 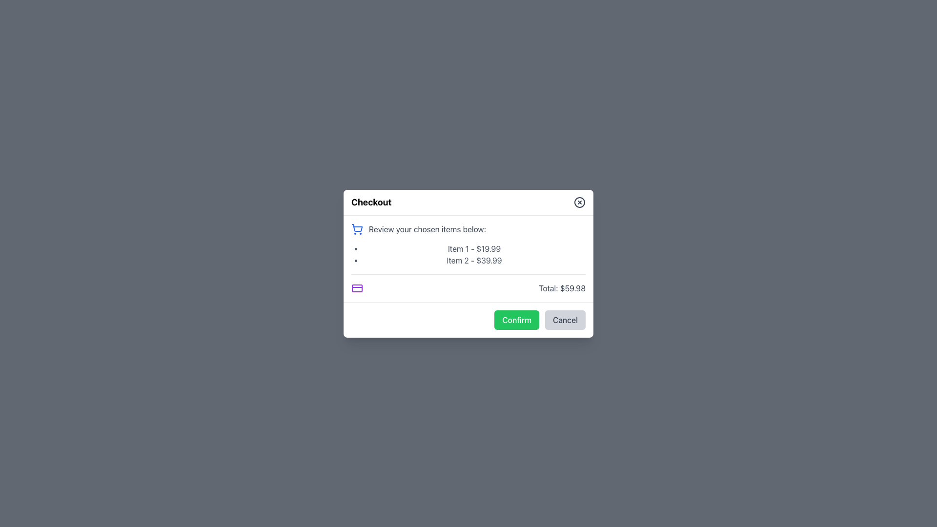 What do you see at coordinates (580, 201) in the screenshot?
I see `the circular close button with an 'X' icon located in the upper-right corner of the modal` at bounding box center [580, 201].